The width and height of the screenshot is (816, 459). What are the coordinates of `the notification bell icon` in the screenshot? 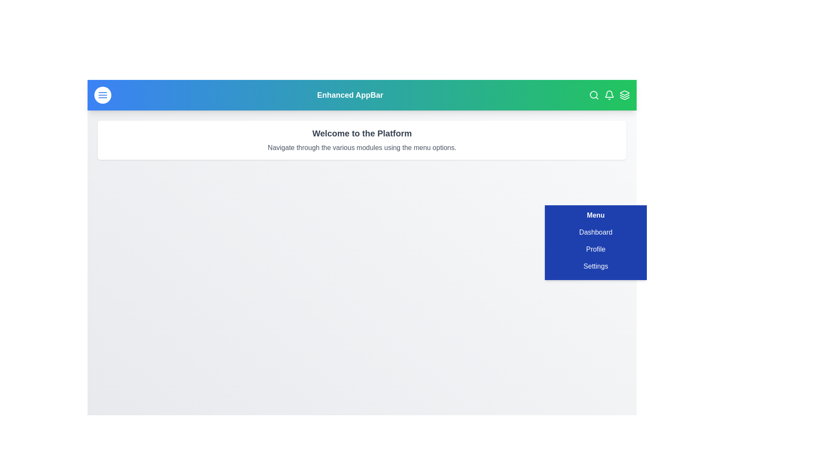 It's located at (609, 95).